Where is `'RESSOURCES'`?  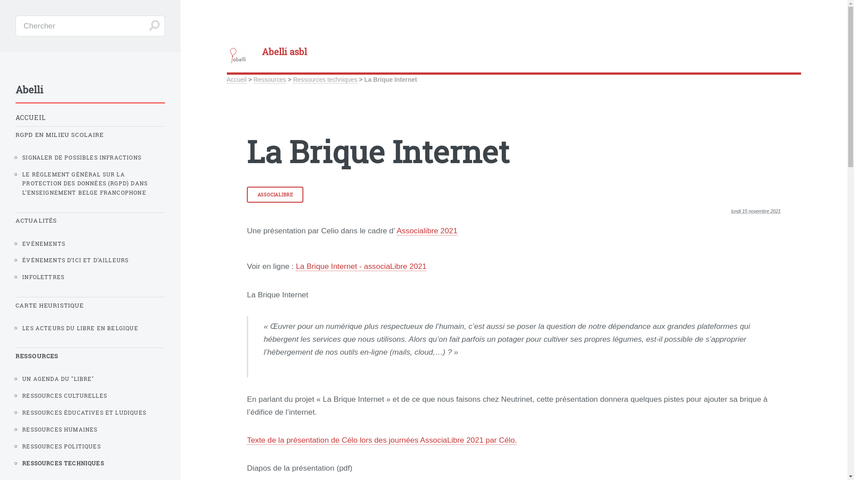
'RESSOURCES' is located at coordinates (90, 356).